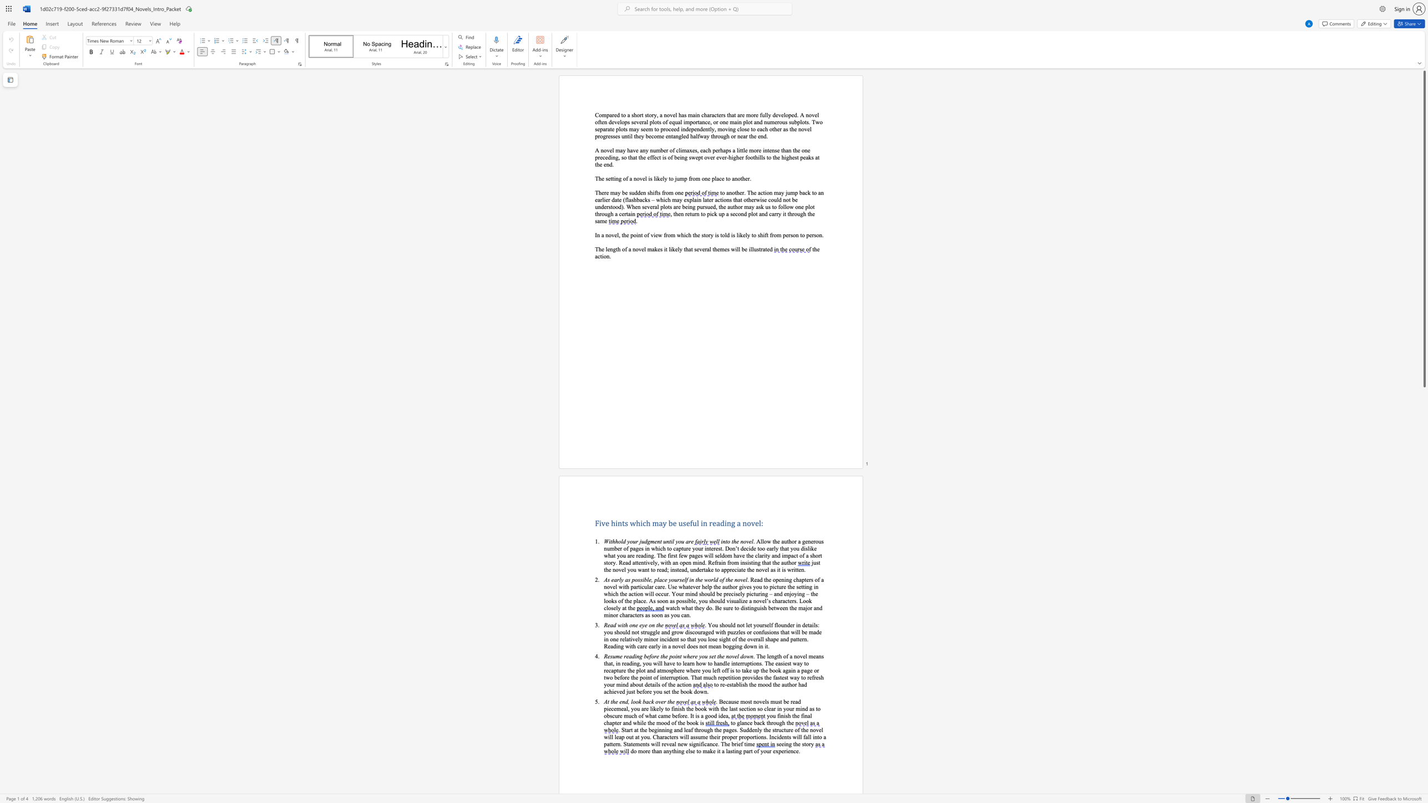 This screenshot has width=1428, height=803. Describe the element at coordinates (699, 744) in the screenshot. I see `the 3th character "i" in the text` at that location.